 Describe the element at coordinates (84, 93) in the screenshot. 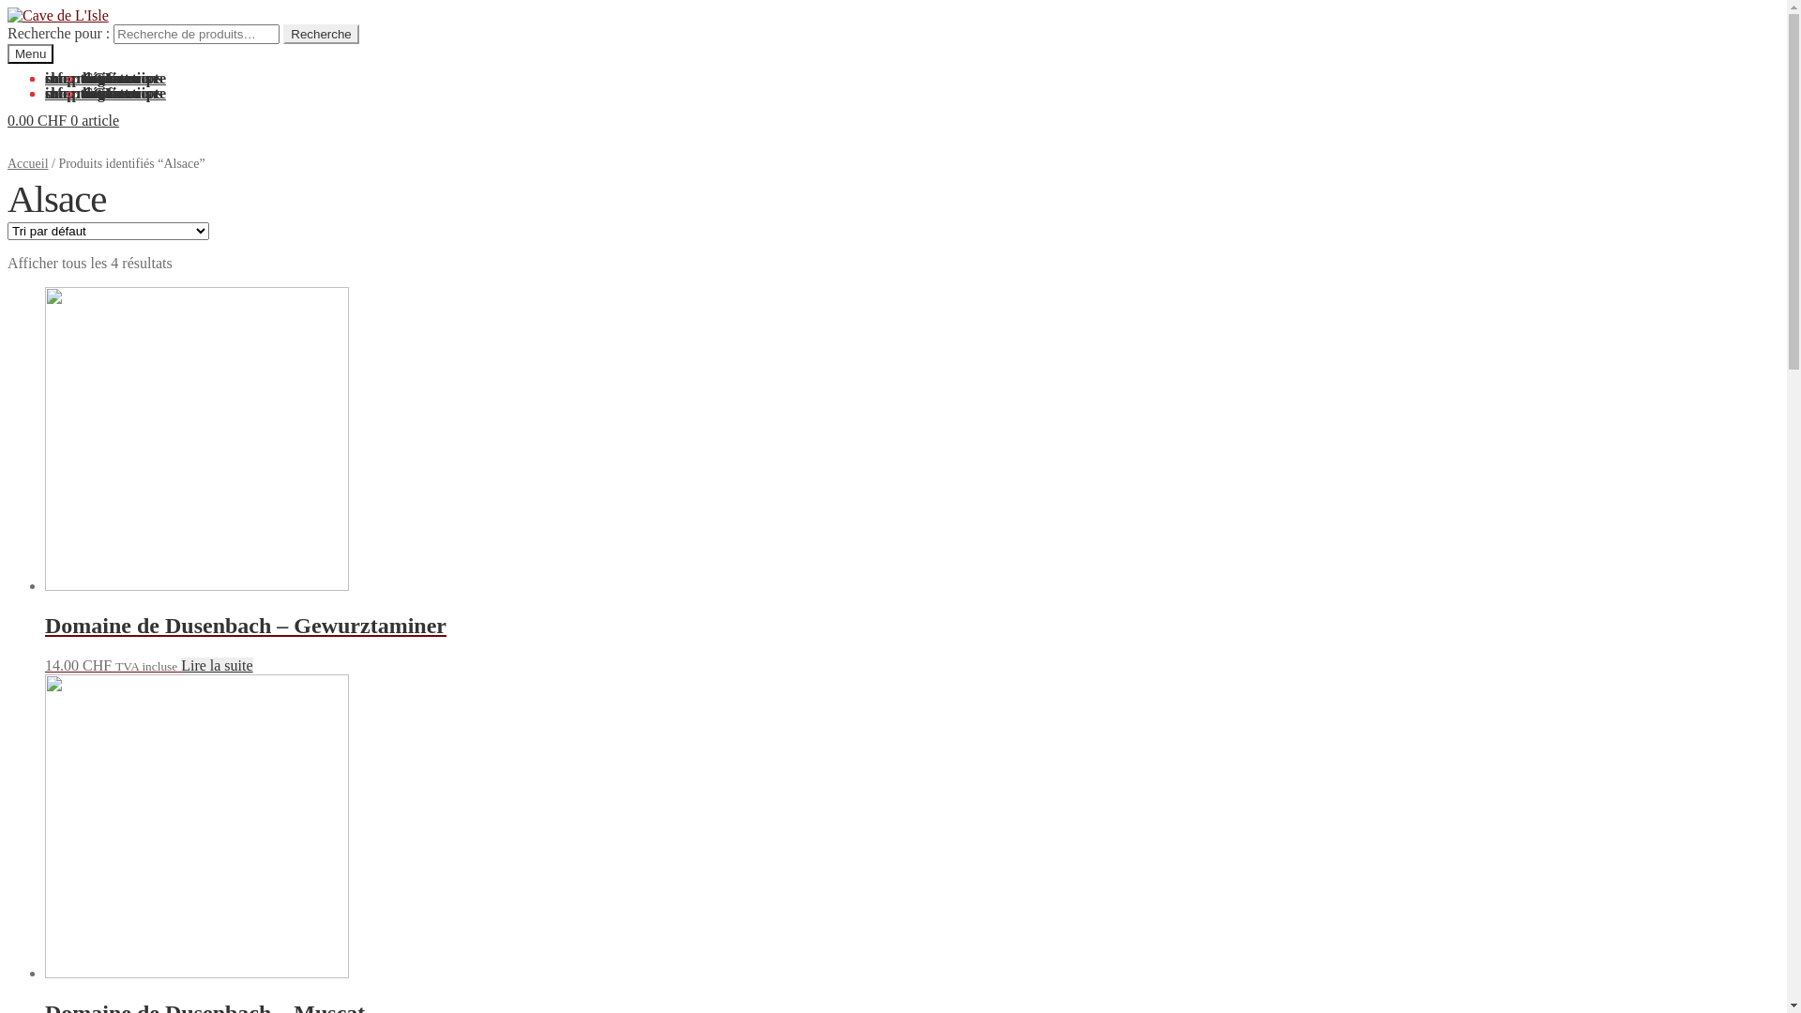

I see `'informations'` at that location.